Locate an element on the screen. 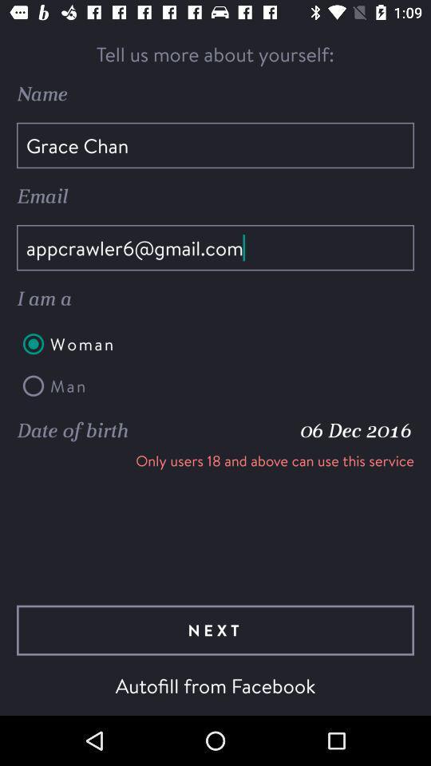  item below the only users 18 is located at coordinates (215, 630).